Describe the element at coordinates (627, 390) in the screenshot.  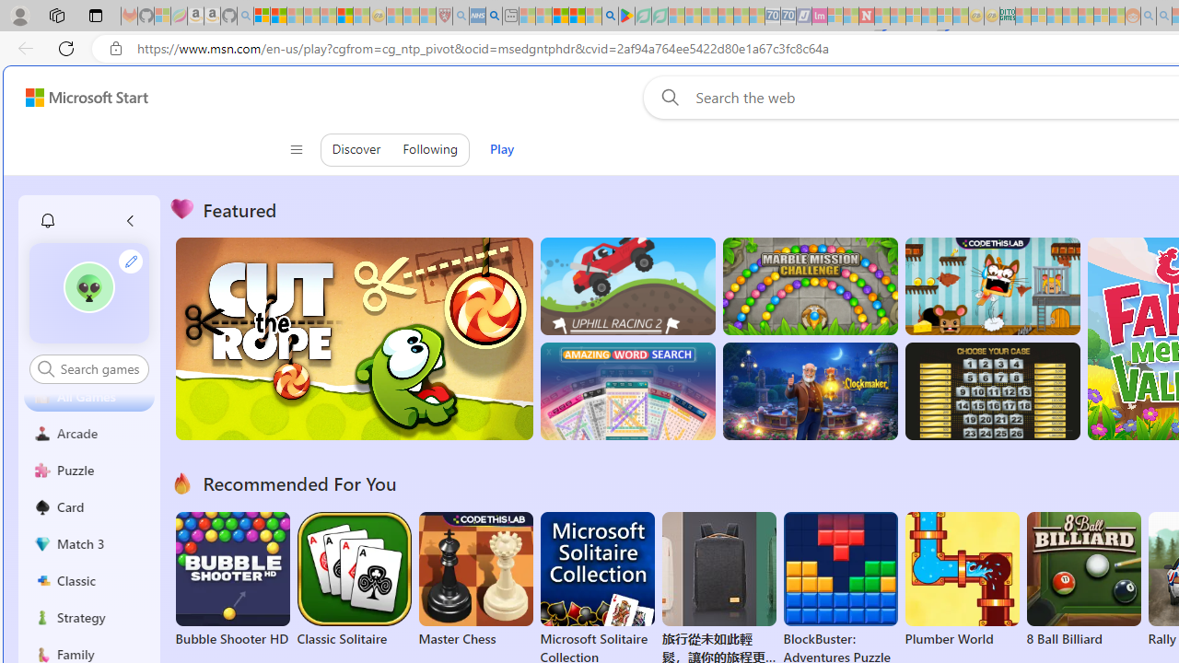
I see `'Amazing Word Search'` at that location.